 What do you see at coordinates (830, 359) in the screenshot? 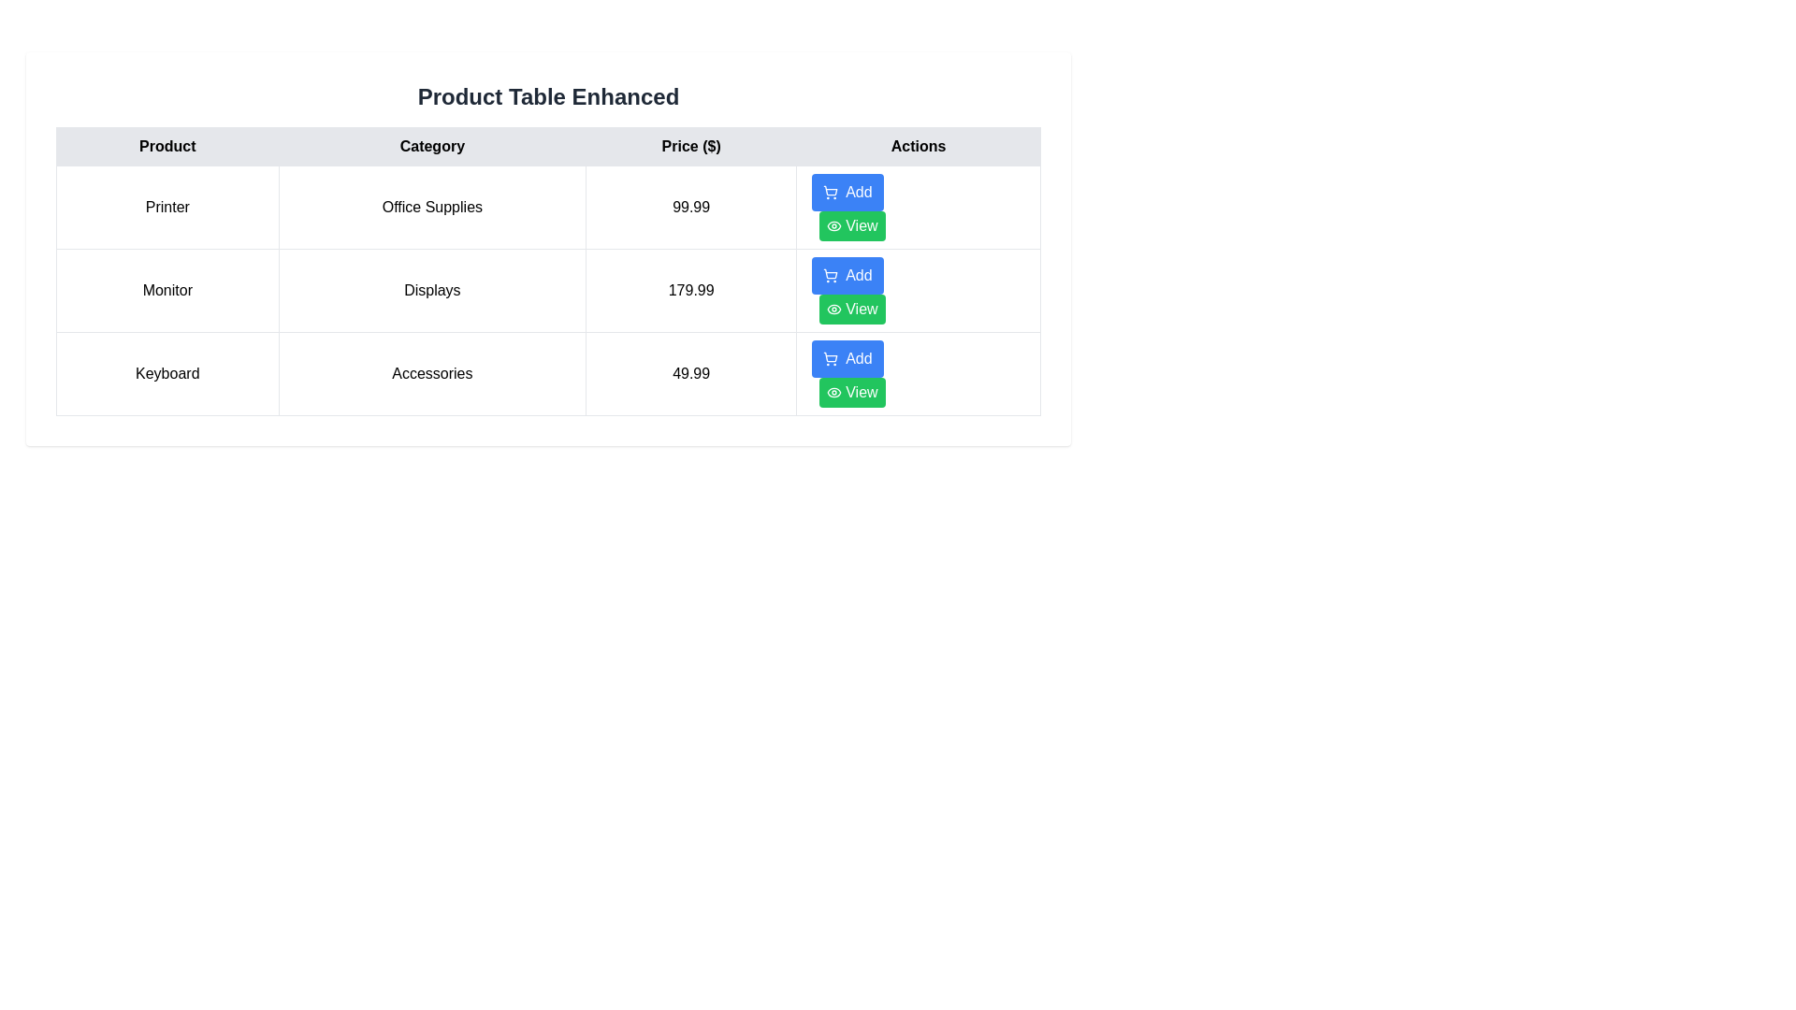
I see `the 'Add' button` at bounding box center [830, 359].